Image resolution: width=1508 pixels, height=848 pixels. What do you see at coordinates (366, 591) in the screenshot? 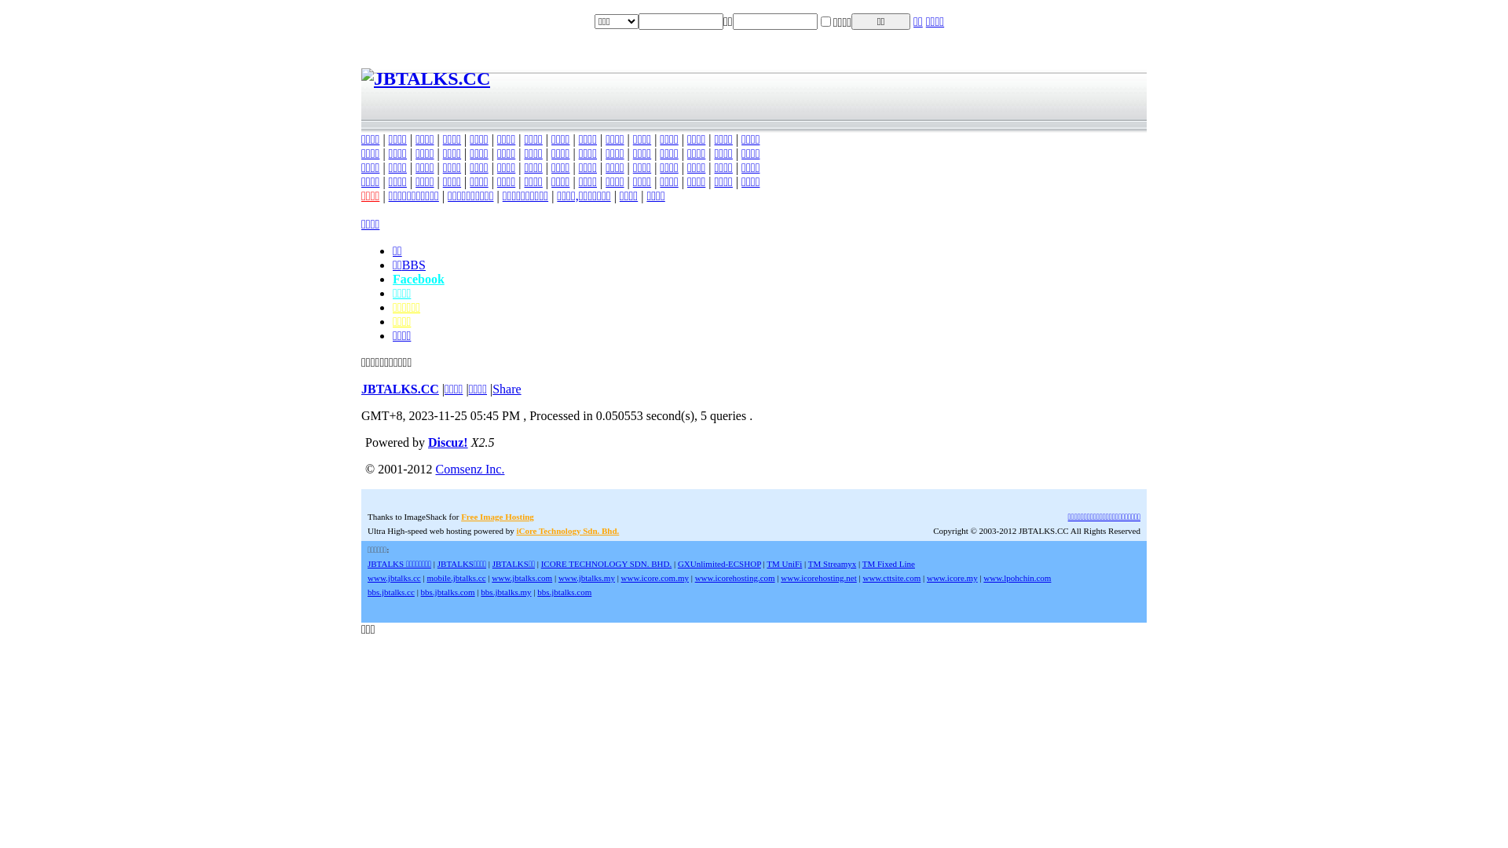
I see `'bbs.jbtalks.cc'` at bounding box center [366, 591].